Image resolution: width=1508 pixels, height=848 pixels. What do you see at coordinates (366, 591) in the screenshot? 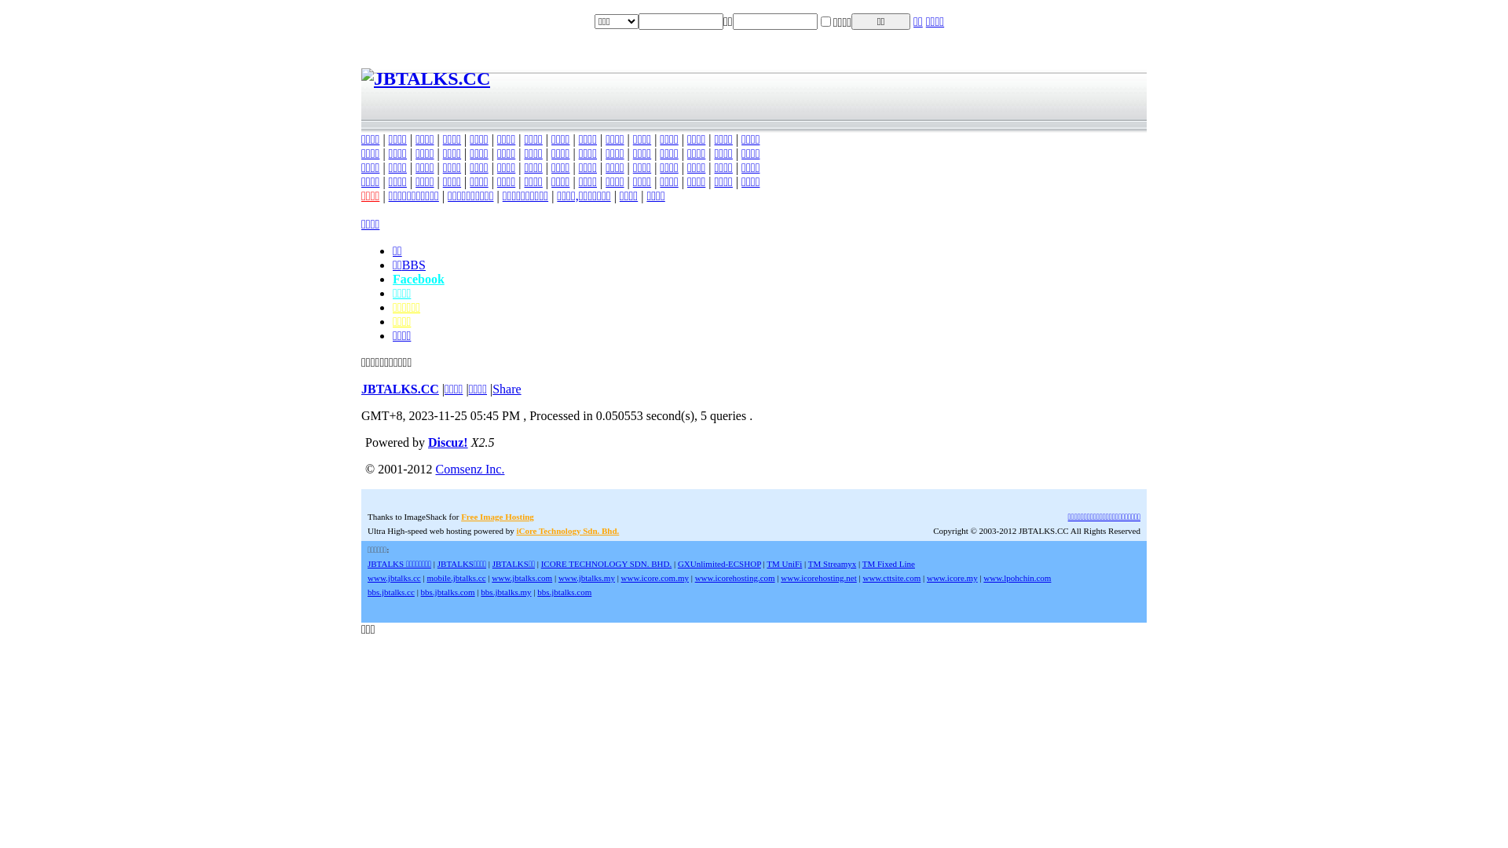
I see `'bbs.jbtalks.cc'` at bounding box center [366, 591].